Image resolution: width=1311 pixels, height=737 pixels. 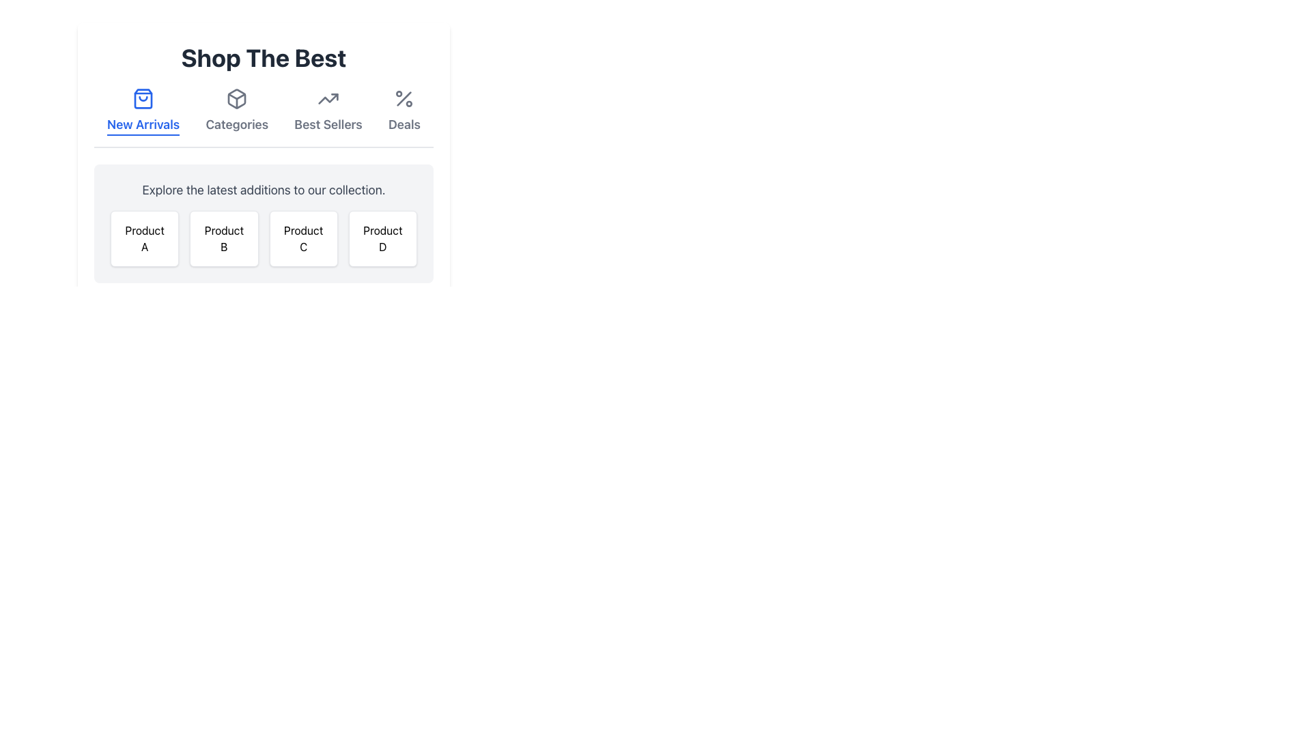 I want to click on the first clickable menu item with an icon and label under the heading 'Shop The Best', so click(x=143, y=111).